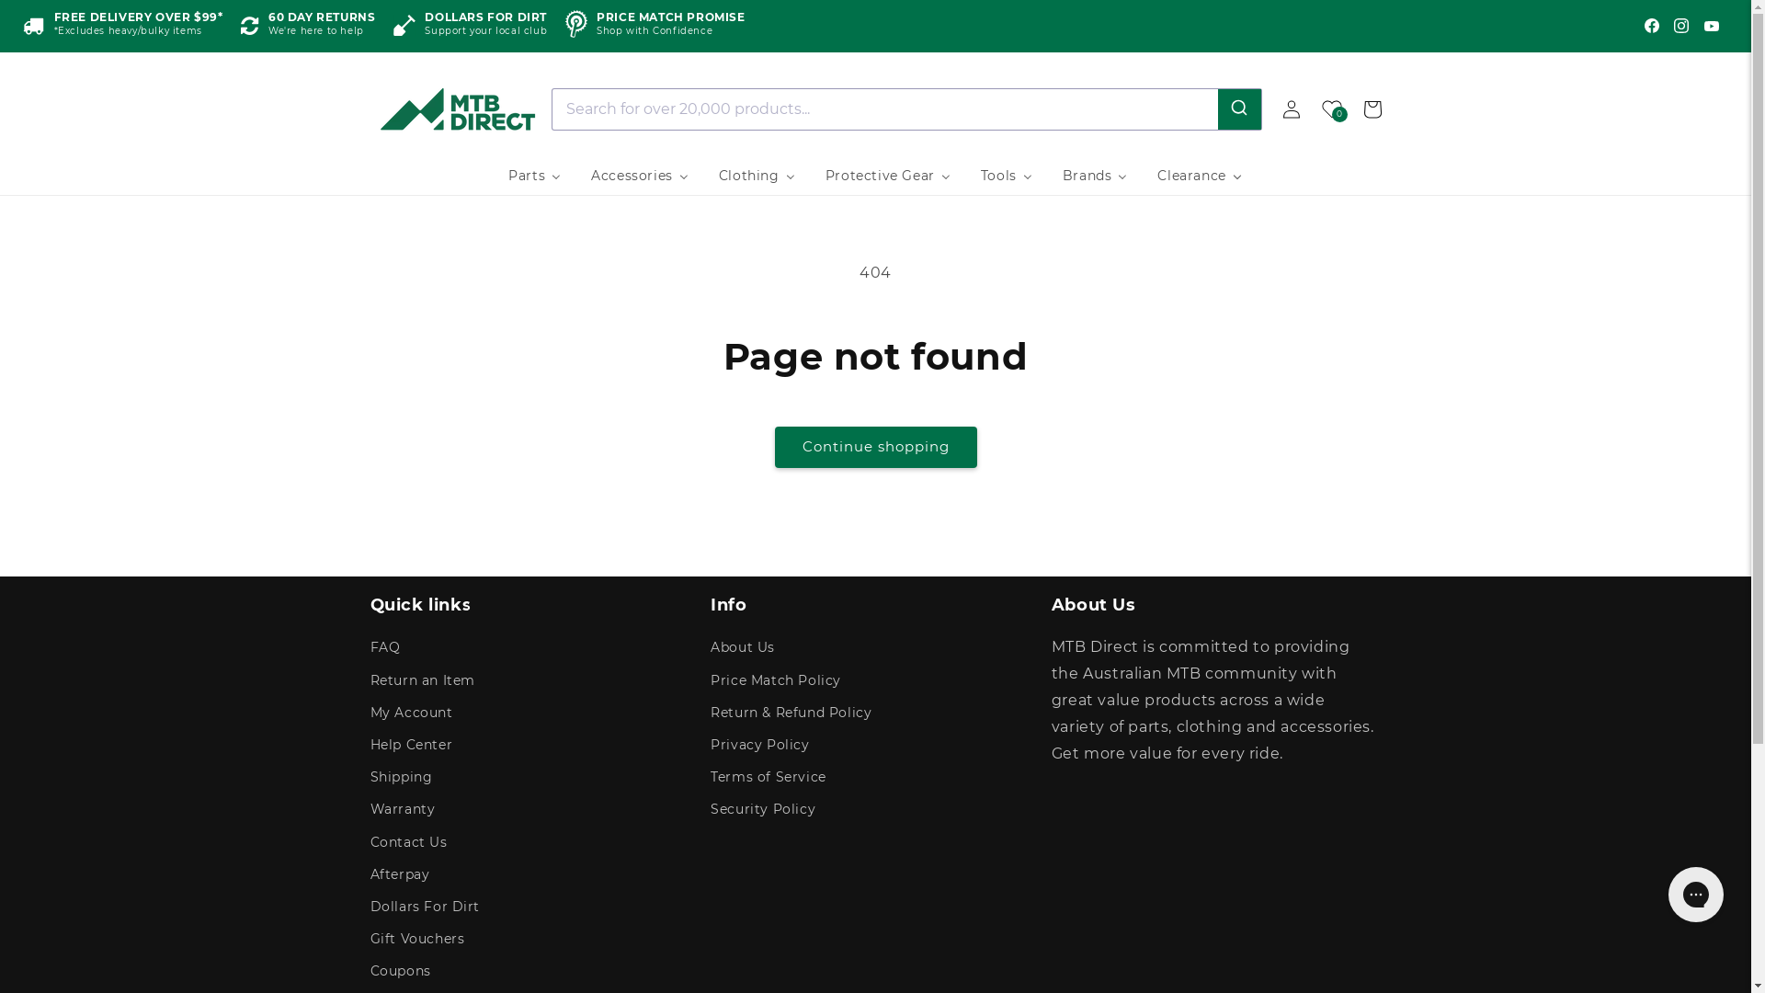 Image resolution: width=1765 pixels, height=993 pixels. Describe the element at coordinates (423, 906) in the screenshot. I see `'Dollars For Dirt'` at that location.